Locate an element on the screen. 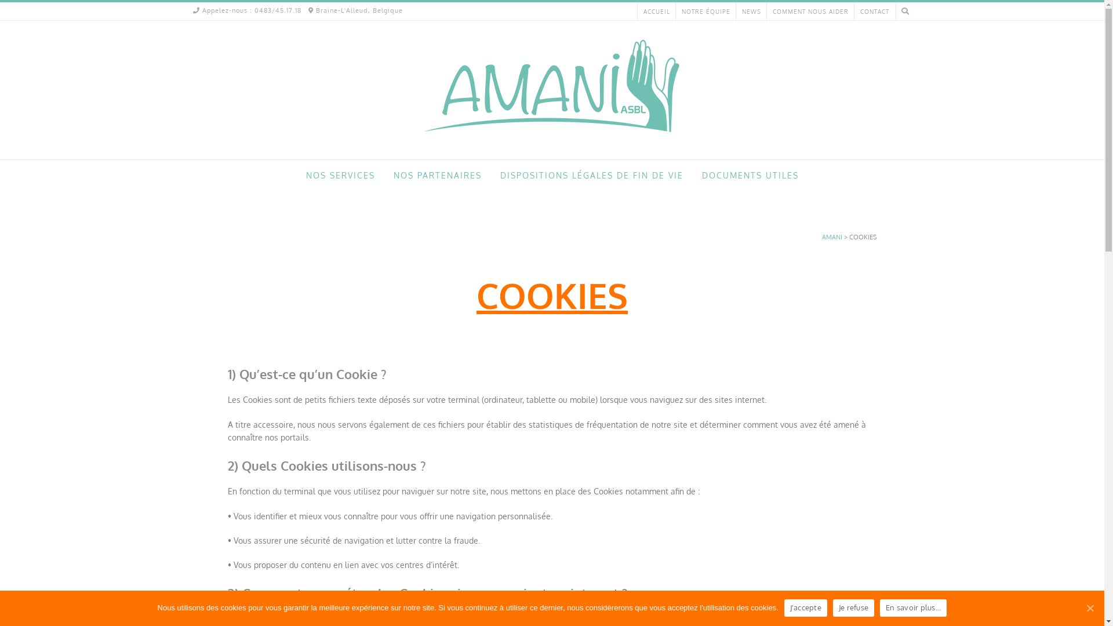 Image resolution: width=1113 pixels, height=626 pixels. 'COMMENT NOUS AIDER' is located at coordinates (809, 11).